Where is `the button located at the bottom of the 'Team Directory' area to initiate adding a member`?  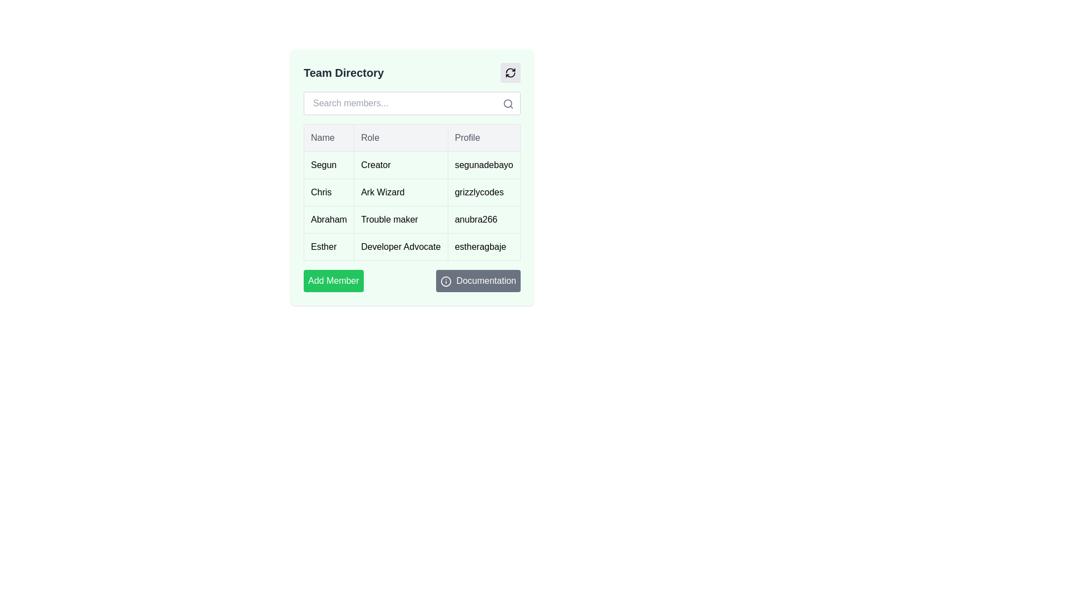 the button located at the bottom of the 'Team Directory' area to initiate adding a member is located at coordinates (333, 280).